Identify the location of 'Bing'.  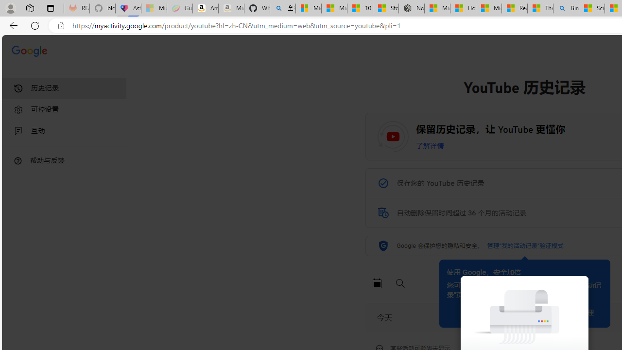
(566, 8).